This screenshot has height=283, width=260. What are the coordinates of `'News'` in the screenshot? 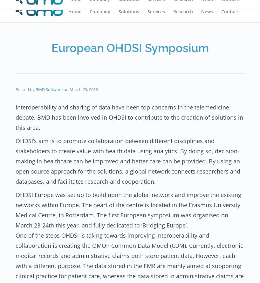 It's located at (201, 11).